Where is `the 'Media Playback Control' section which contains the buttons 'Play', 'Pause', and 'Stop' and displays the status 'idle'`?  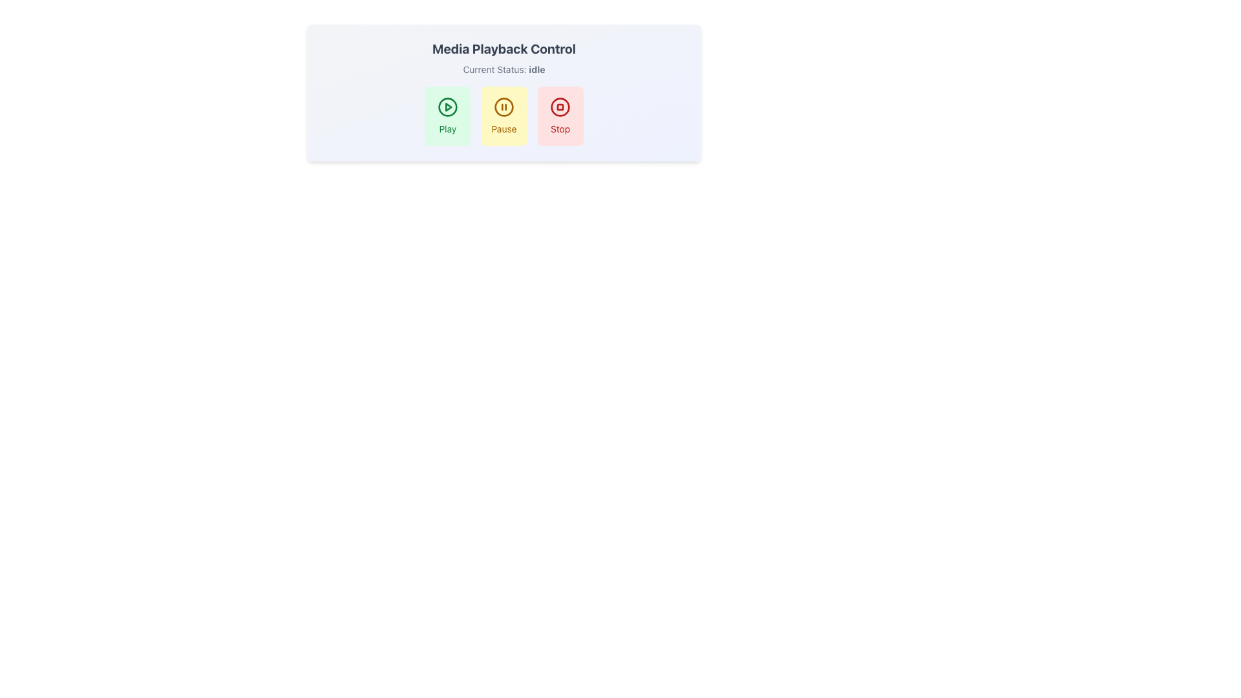
the 'Media Playback Control' section which contains the buttons 'Play', 'Pause', and 'Stop' and displays the status 'idle' is located at coordinates (503, 92).